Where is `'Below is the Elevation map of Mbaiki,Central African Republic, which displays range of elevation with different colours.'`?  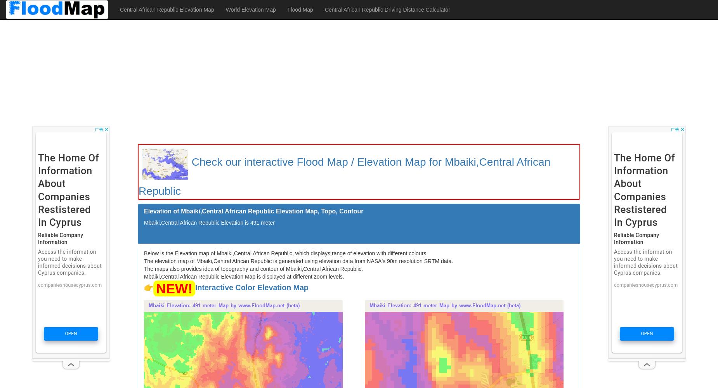
'Below is the Elevation map of Mbaiki,Central African Republic, which displays range of elevation with different colours.' is located at coordinates (286, 253).